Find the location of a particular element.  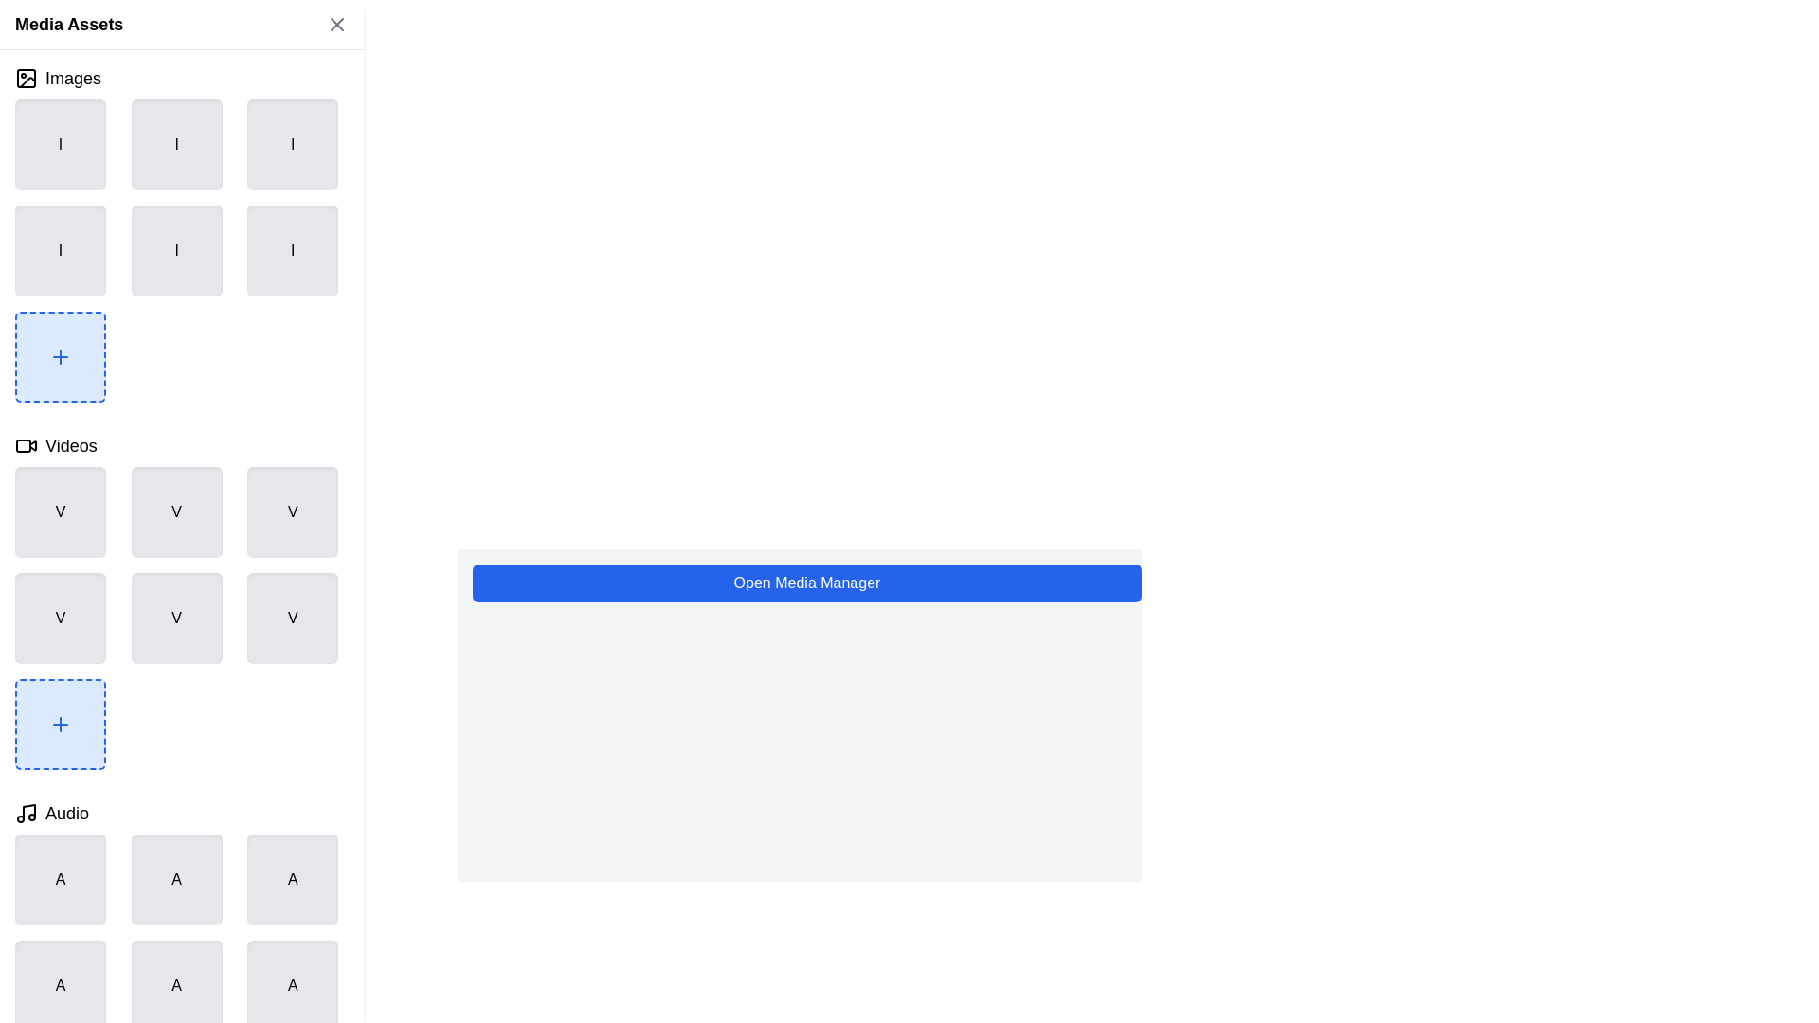

the close button located at the top-right corner of the 'Media Assets' panel is located at coordinates (336, 25).